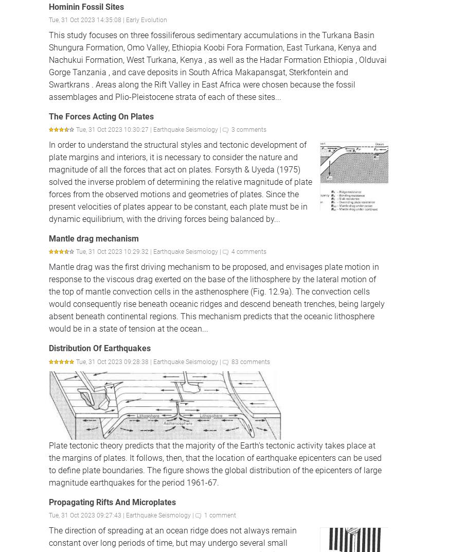 The width and height of the screenshot is (465, 552). What do you see at coordinates (112, 501) in the screenshot?
I see `'Propagating Rifts And Microplates'` at bounding box center [112, 501].